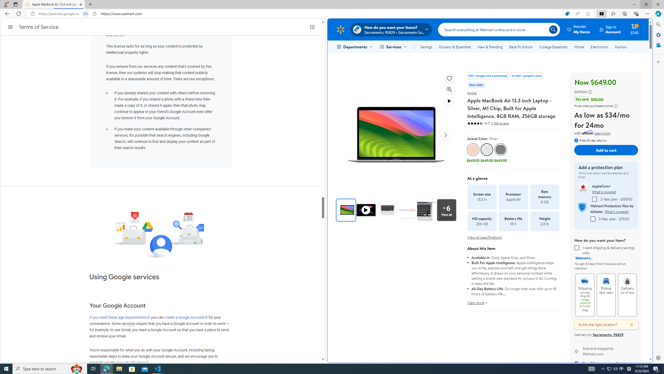  Describe the element at coordinates (553, 47) in the screenshot. I see `'College Essentials'` at that location.